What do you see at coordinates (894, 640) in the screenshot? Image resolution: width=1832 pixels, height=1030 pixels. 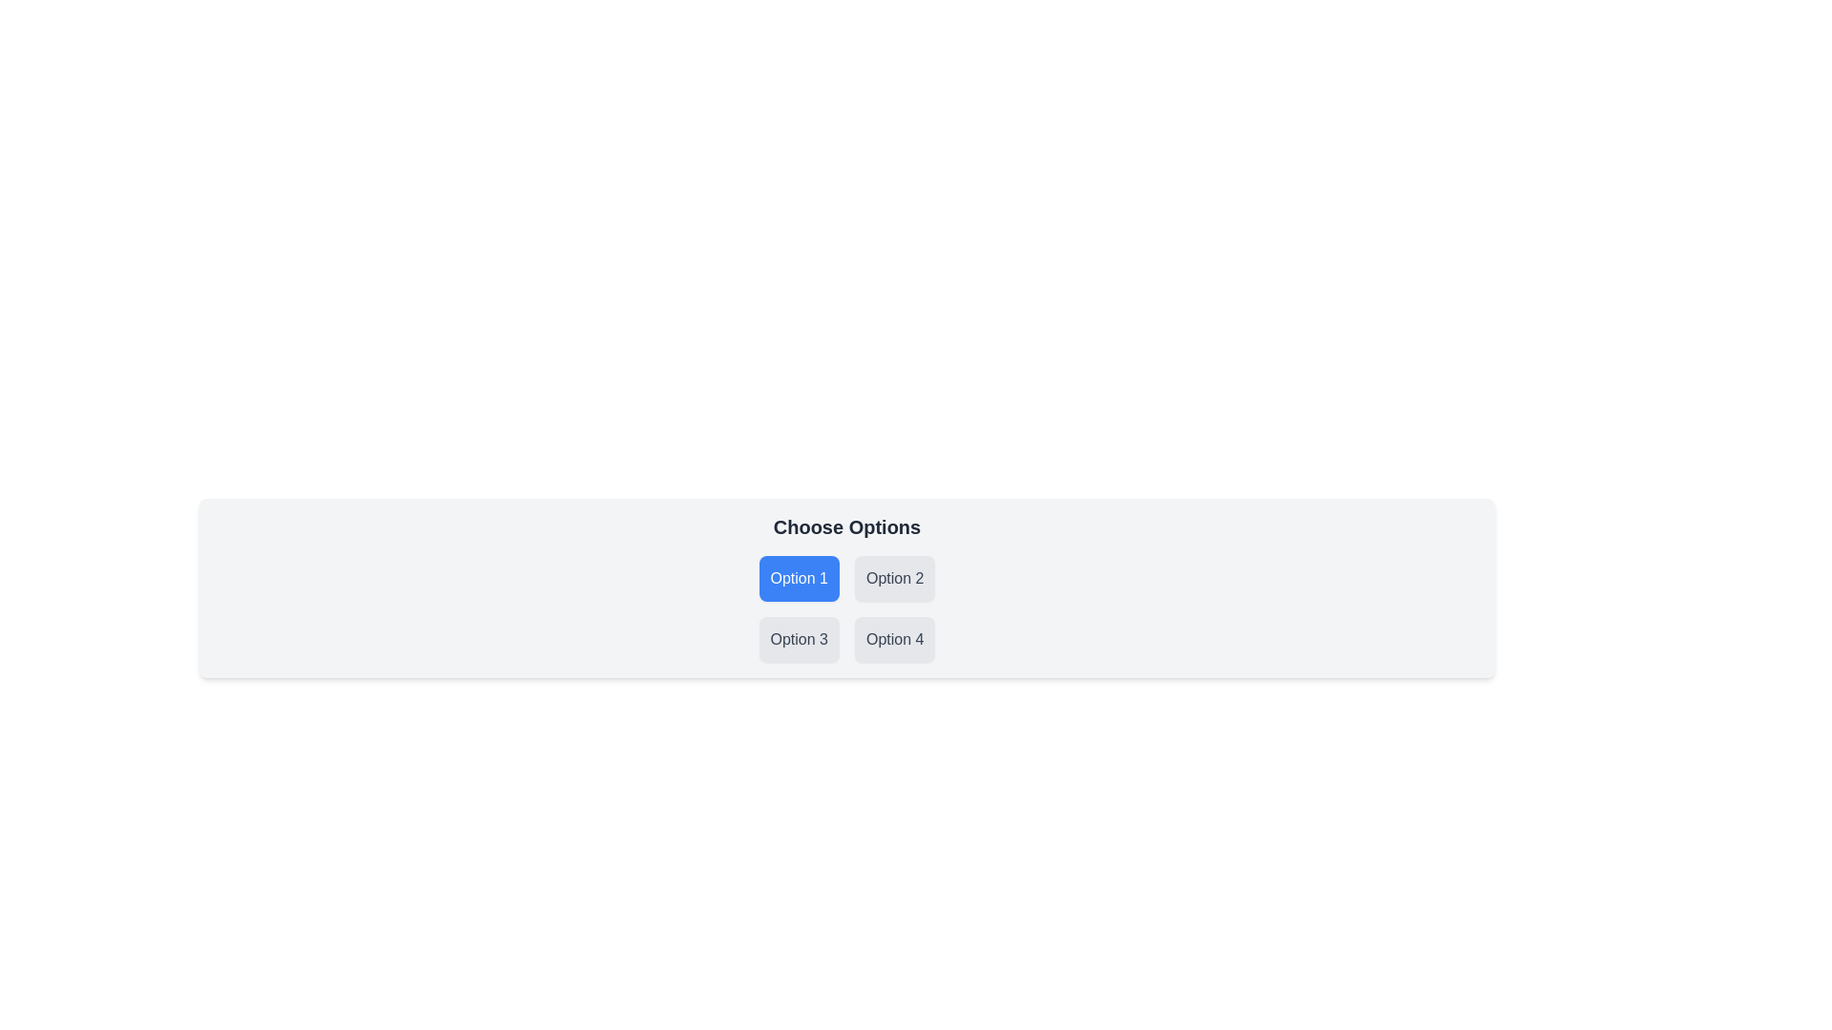 I see `the 'Option 4' button located in the bottom-right cell of the 2x2 grid` at bounding box center [894, 640].